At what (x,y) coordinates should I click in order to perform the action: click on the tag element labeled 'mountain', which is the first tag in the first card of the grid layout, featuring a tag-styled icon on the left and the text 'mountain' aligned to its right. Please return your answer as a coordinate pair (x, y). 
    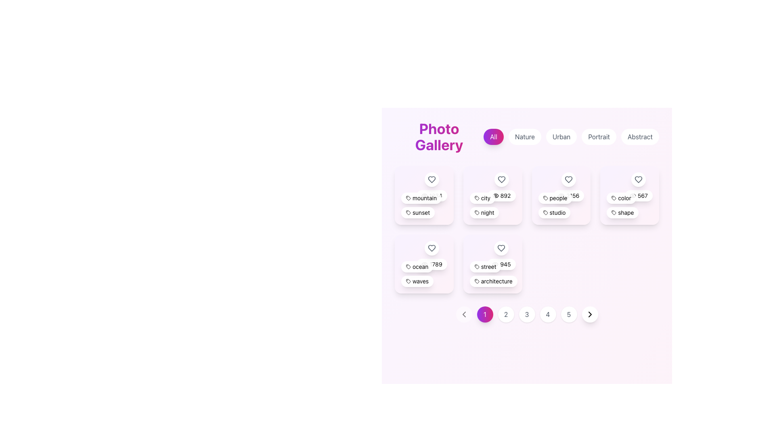
    Looking at the image, I should click on (421, 198).